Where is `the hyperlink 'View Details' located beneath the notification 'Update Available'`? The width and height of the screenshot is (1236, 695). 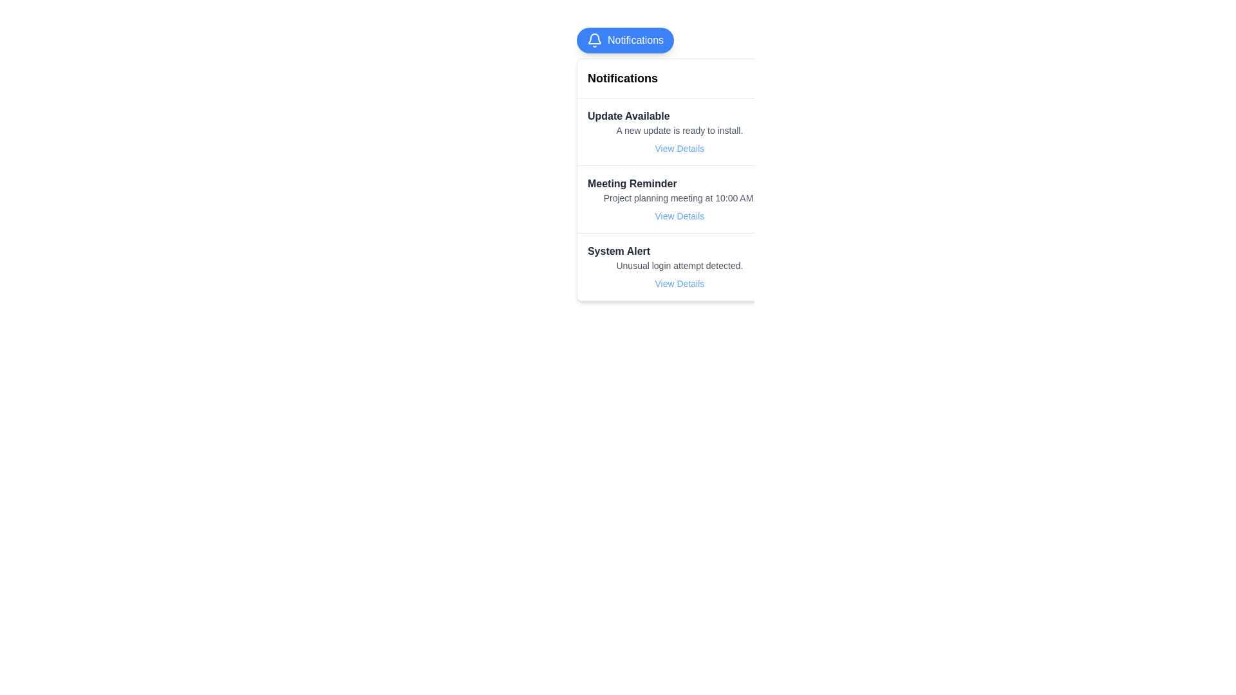 the hyperlink 'View Details' located beneath the notification 'Update Available' is located at coordinates (679, 148).